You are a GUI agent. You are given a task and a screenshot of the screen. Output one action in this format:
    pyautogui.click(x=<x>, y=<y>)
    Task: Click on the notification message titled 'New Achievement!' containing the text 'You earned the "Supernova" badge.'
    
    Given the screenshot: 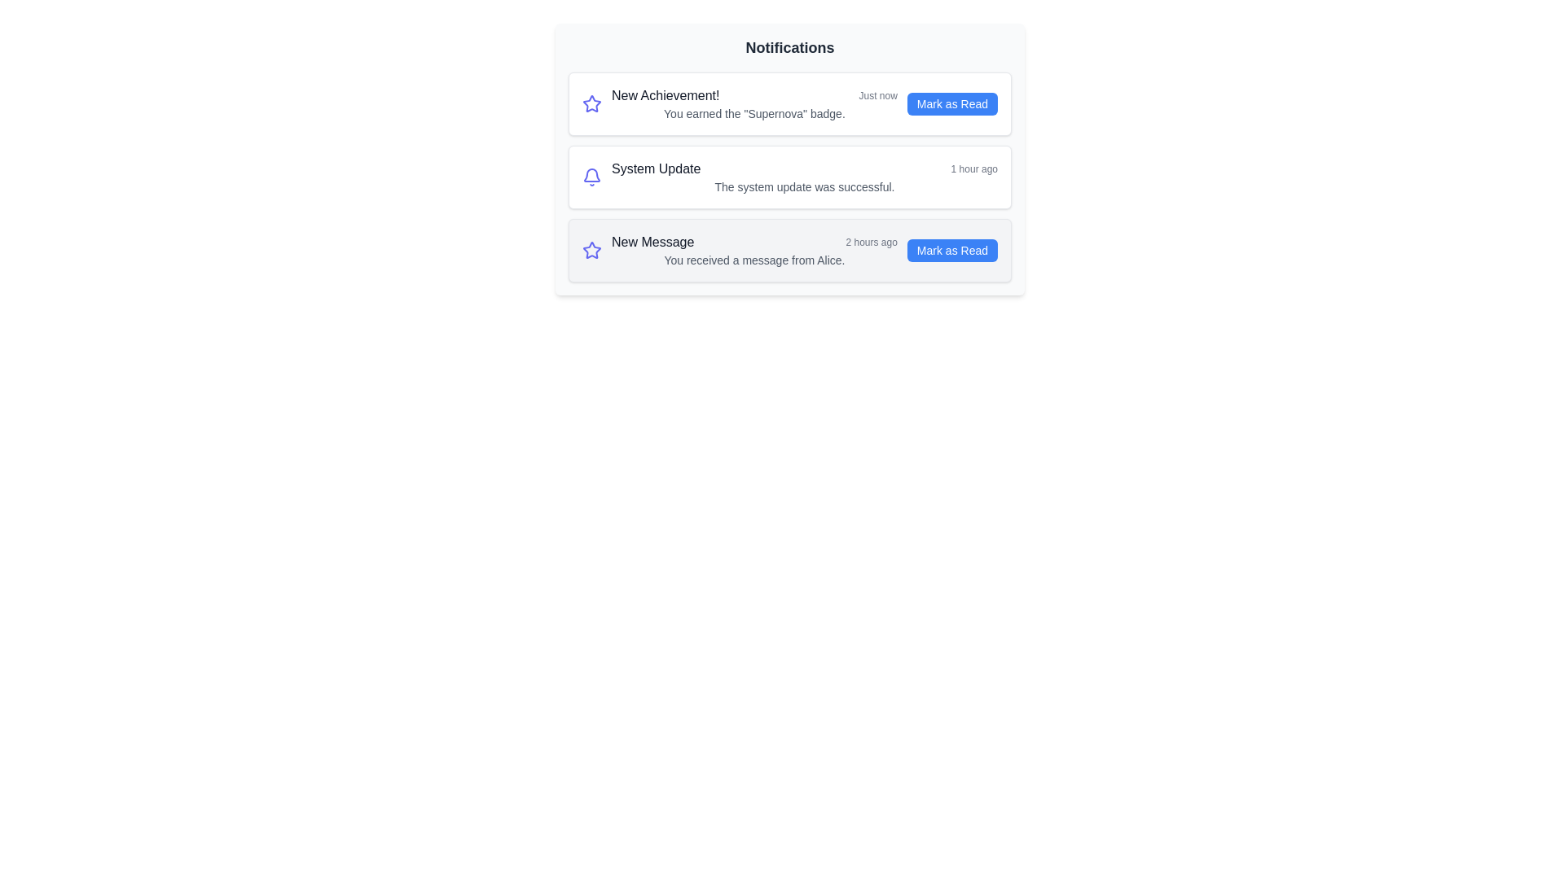 What is the action you would take?
    pyautogui.click(x=753, y=103)
    